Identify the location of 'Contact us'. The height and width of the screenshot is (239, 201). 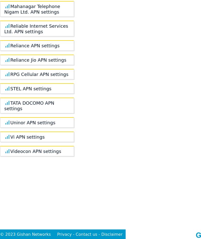
(86, 234).